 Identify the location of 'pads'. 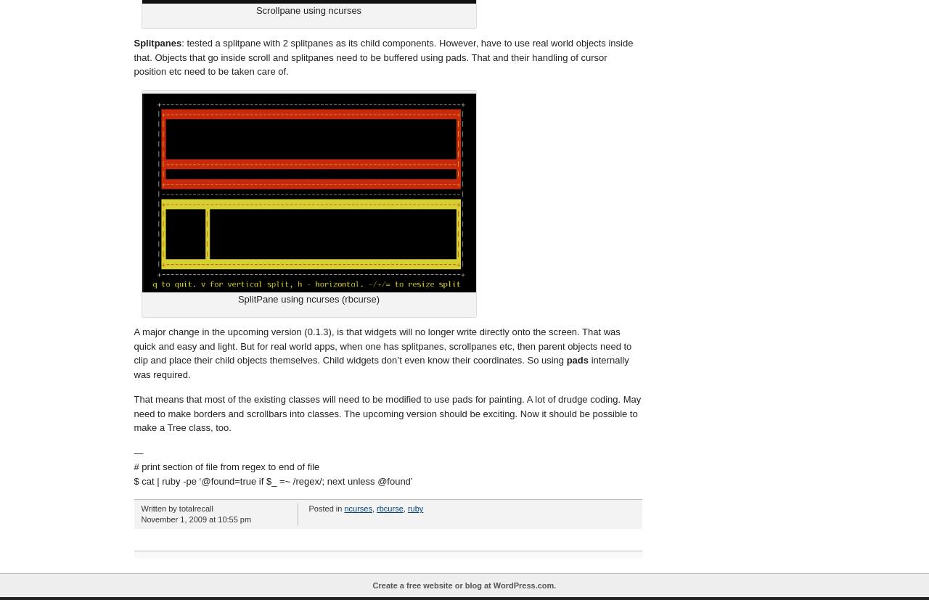
(576, 359).